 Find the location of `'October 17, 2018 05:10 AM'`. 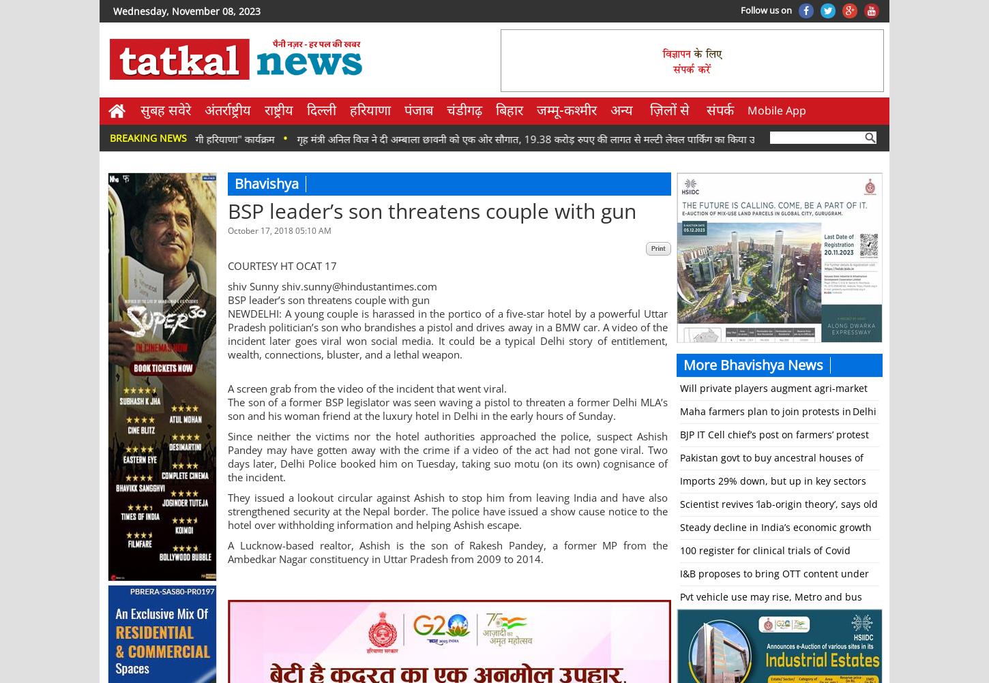

'October 17, 2018 05:10 AM' is located at coordinates (279, 230).